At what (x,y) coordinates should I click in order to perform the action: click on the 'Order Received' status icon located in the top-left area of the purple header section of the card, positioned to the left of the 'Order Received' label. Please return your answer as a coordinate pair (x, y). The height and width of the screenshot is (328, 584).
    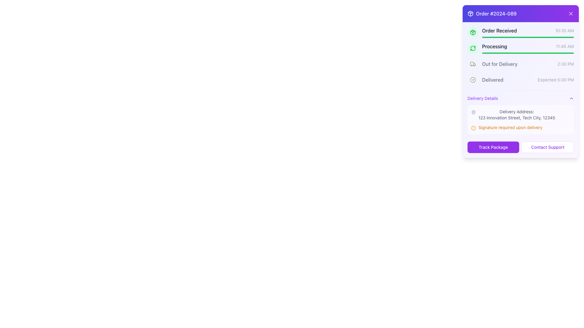
    Looking at the image, I should click on (470, 14).